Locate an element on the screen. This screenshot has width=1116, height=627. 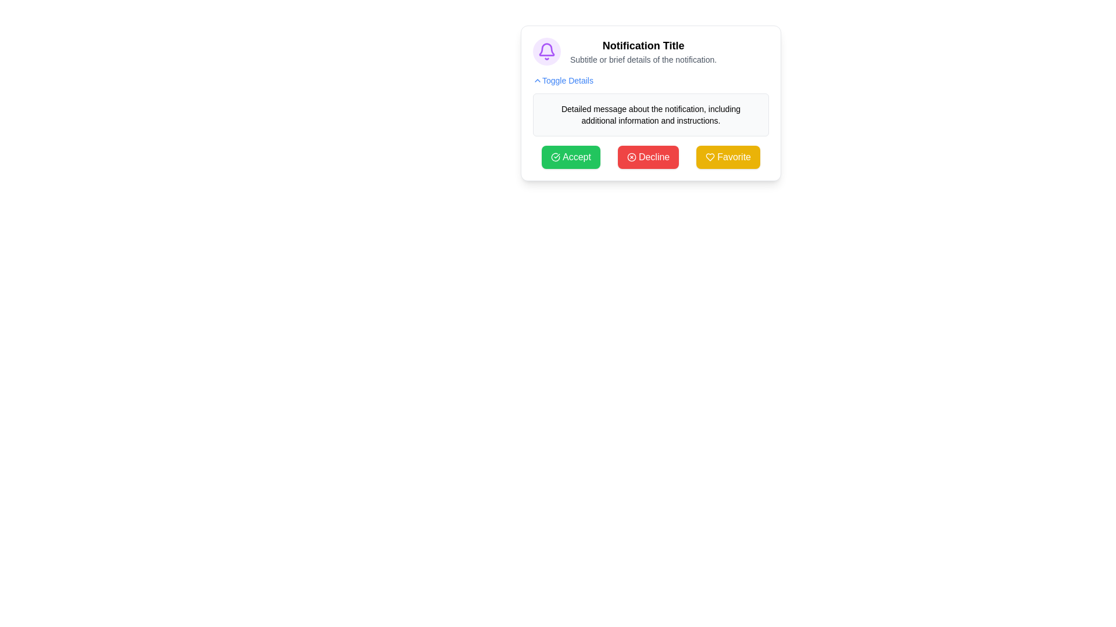
text element that contains the title 'Notification Title' and subtitle 'Subtitle or brief details of the notification.' This text element is located to the right of a bell icon within a horizontally aligned group on the notification card is located at coordinates (643, 51).